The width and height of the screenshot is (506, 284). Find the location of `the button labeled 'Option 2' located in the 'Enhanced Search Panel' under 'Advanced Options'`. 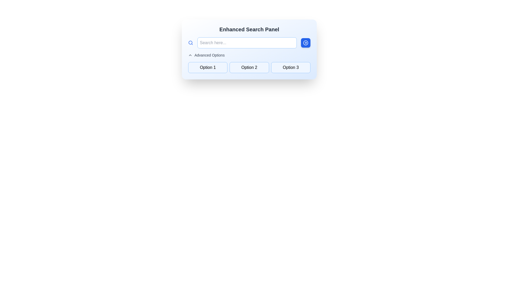

the button labeled 'Option 2' located in the 'Enhanced Search Panel' under 'Advanced Options' is located at coordinates (249, 63).